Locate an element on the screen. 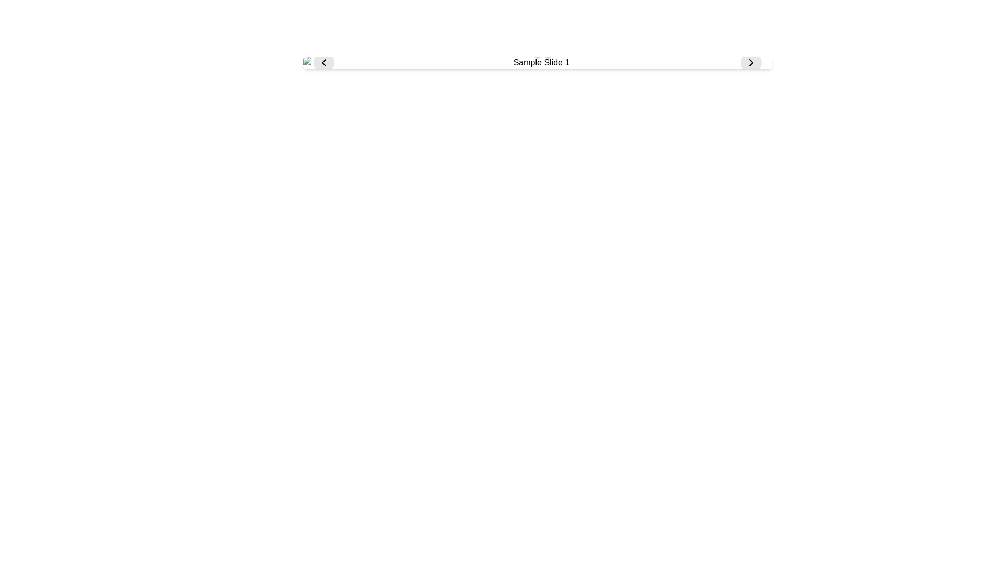 This screenshot has width=1005, height=565. the forward navigation button located on the far-right side of the navigation bar, which is contained within a light gray circular button is located at coordinates (750, 62).